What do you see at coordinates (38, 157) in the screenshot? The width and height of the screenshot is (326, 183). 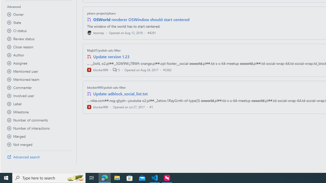 I see `'Advanced search'` at bounding box center [38, 157].